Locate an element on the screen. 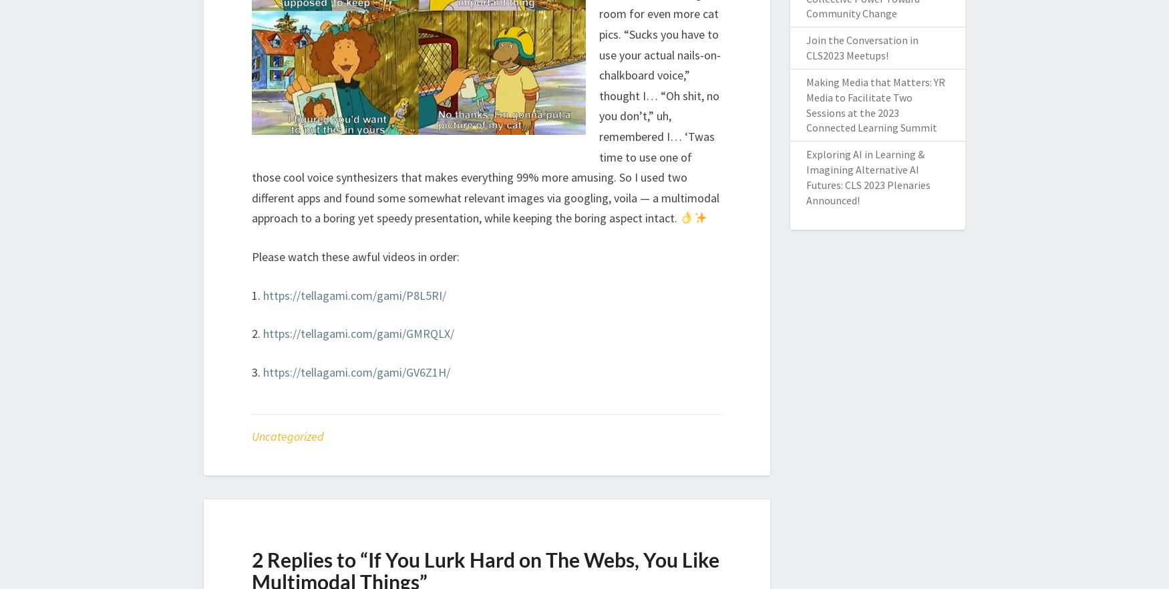  'https://tellagami.com/gami/GMRQLX/' is located at coordinates (358, 333).